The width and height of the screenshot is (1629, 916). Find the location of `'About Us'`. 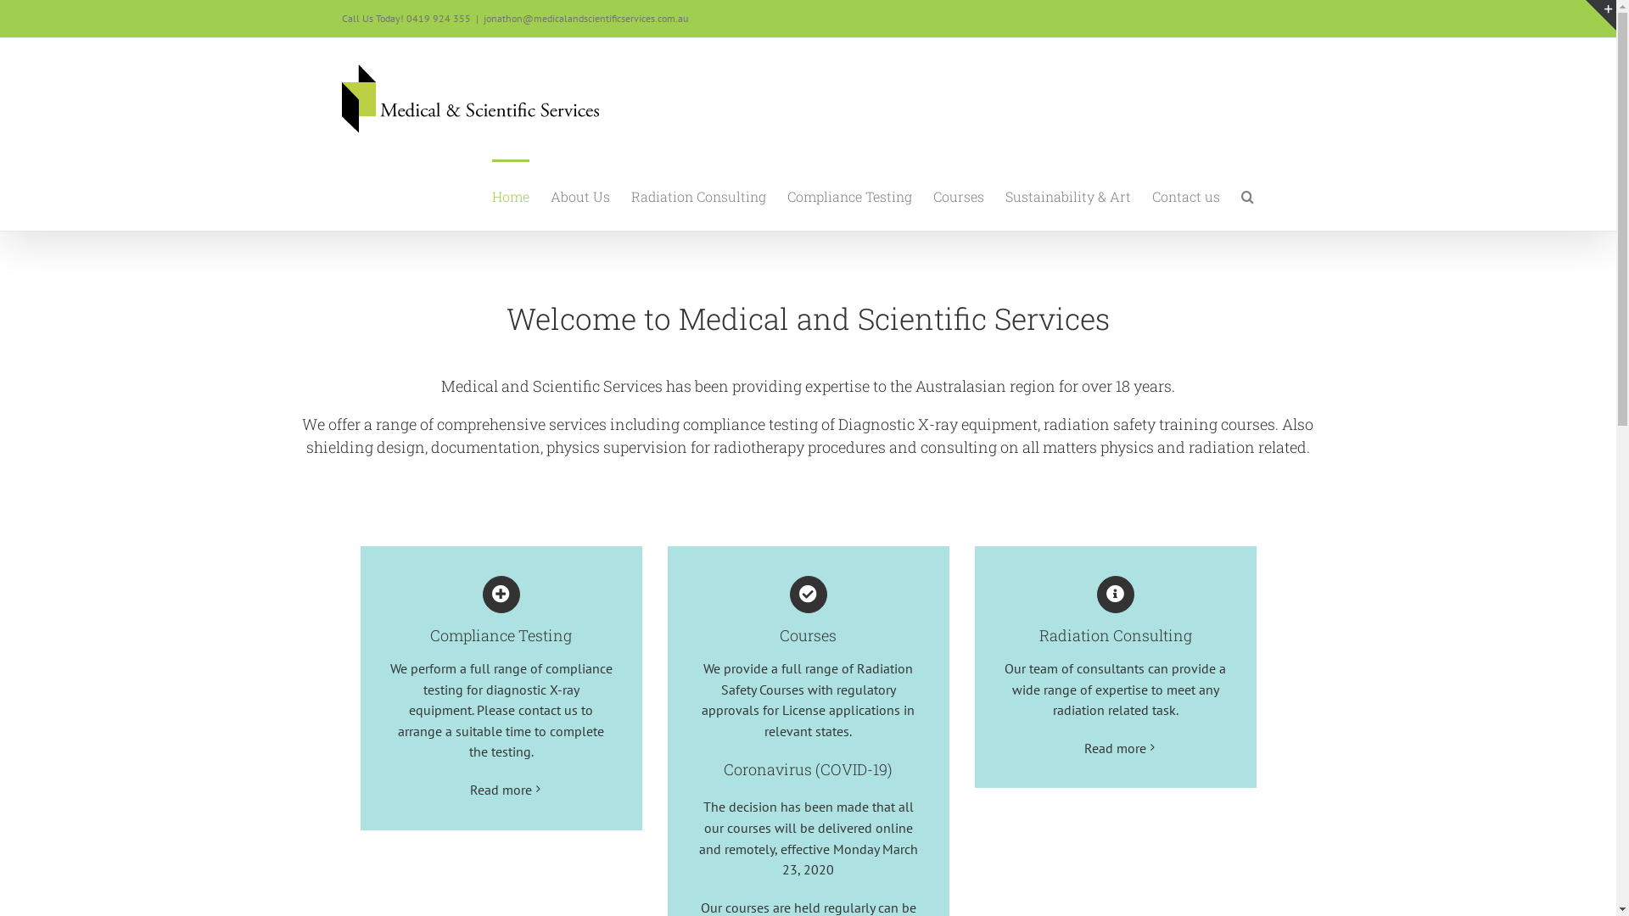

'About Us' is located at coordinates (550, 194).